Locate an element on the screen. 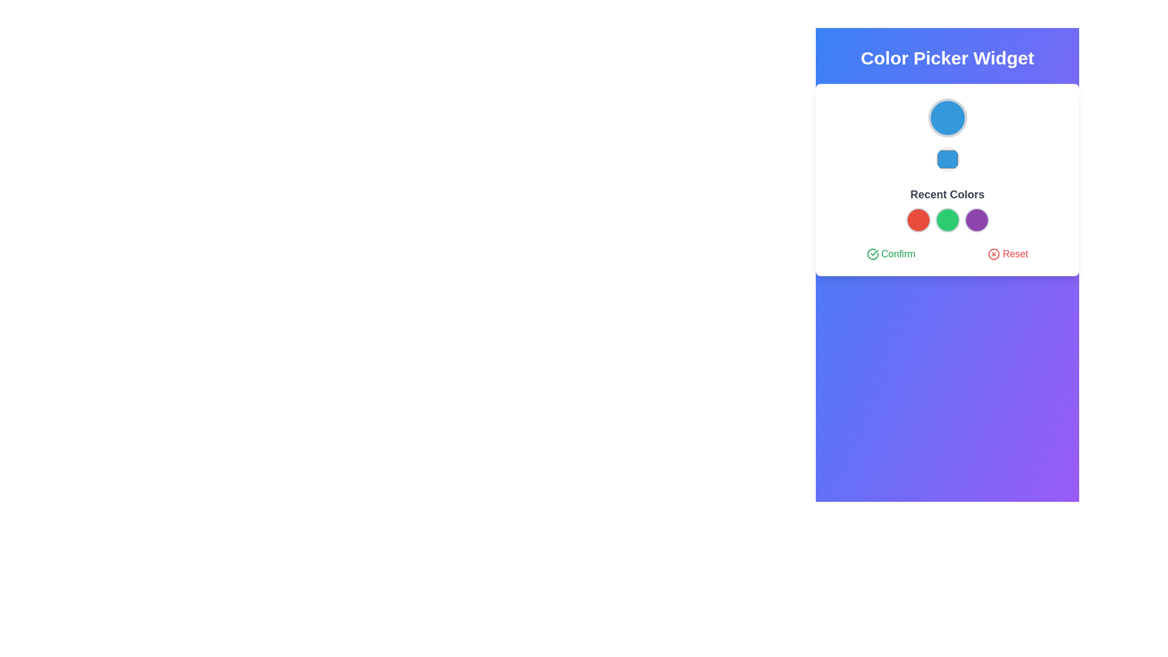 The height and width of the screenshot is (657, 1168). the icon button associated with the 'Reset' text label located at the bottom-right of the card interface is located at coordinates (994, 253).